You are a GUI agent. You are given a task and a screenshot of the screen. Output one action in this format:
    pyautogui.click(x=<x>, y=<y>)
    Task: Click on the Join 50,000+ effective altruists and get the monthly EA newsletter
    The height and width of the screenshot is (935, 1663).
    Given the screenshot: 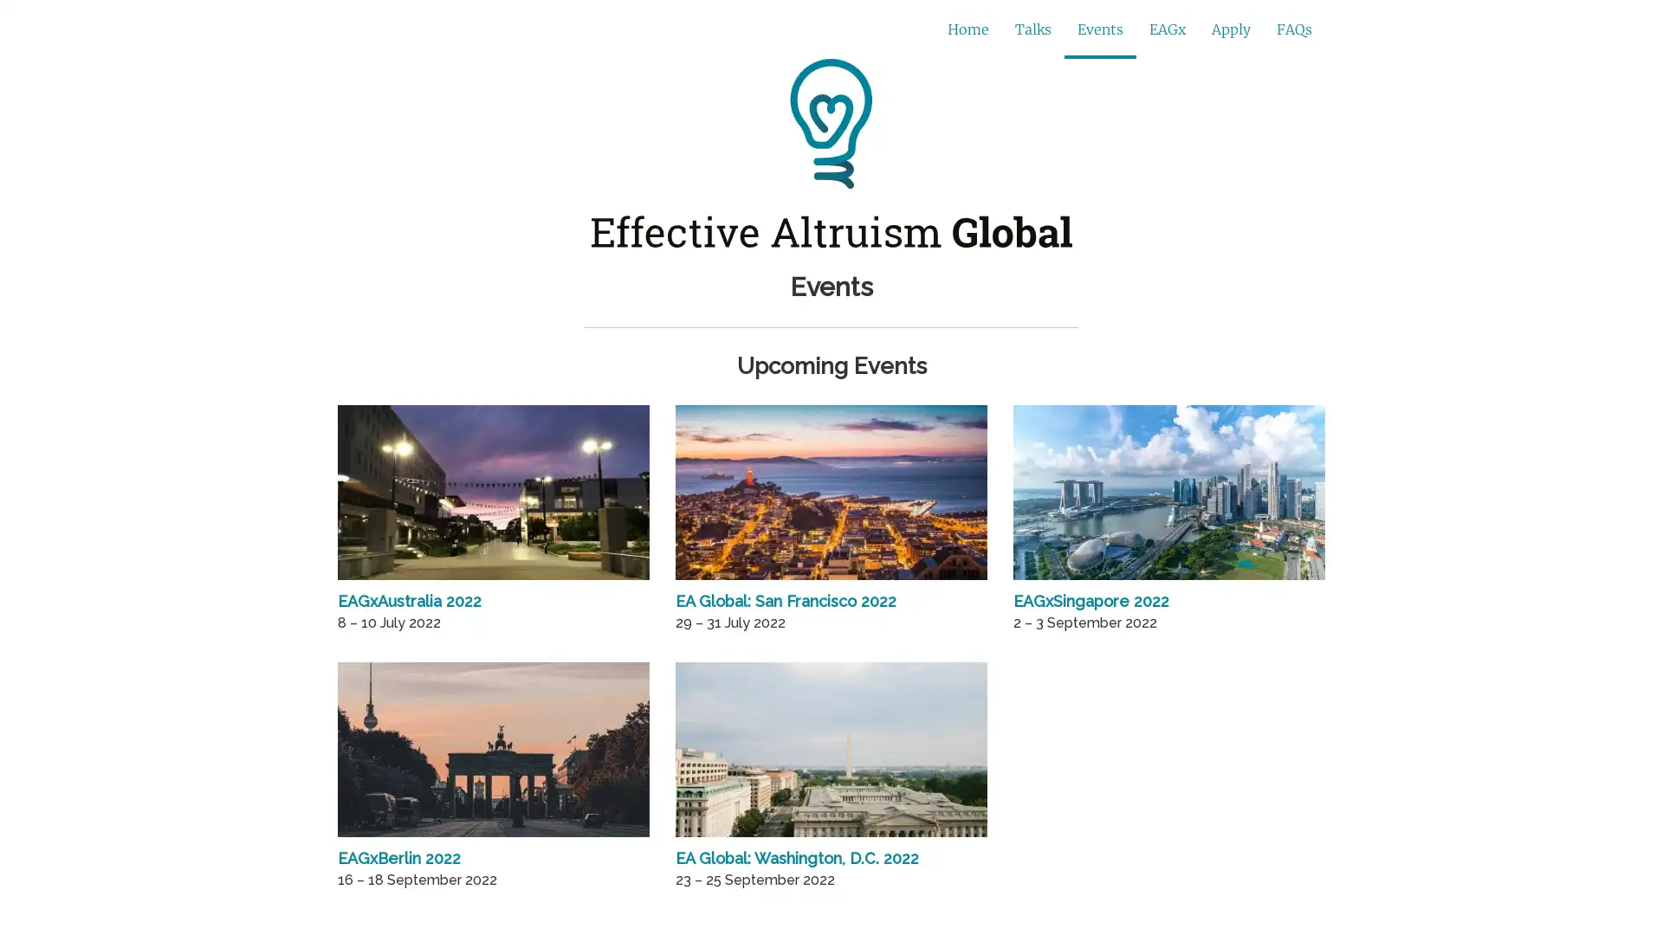 What is the action you would take?
    pyautogui.click(x=706, y=29)
    